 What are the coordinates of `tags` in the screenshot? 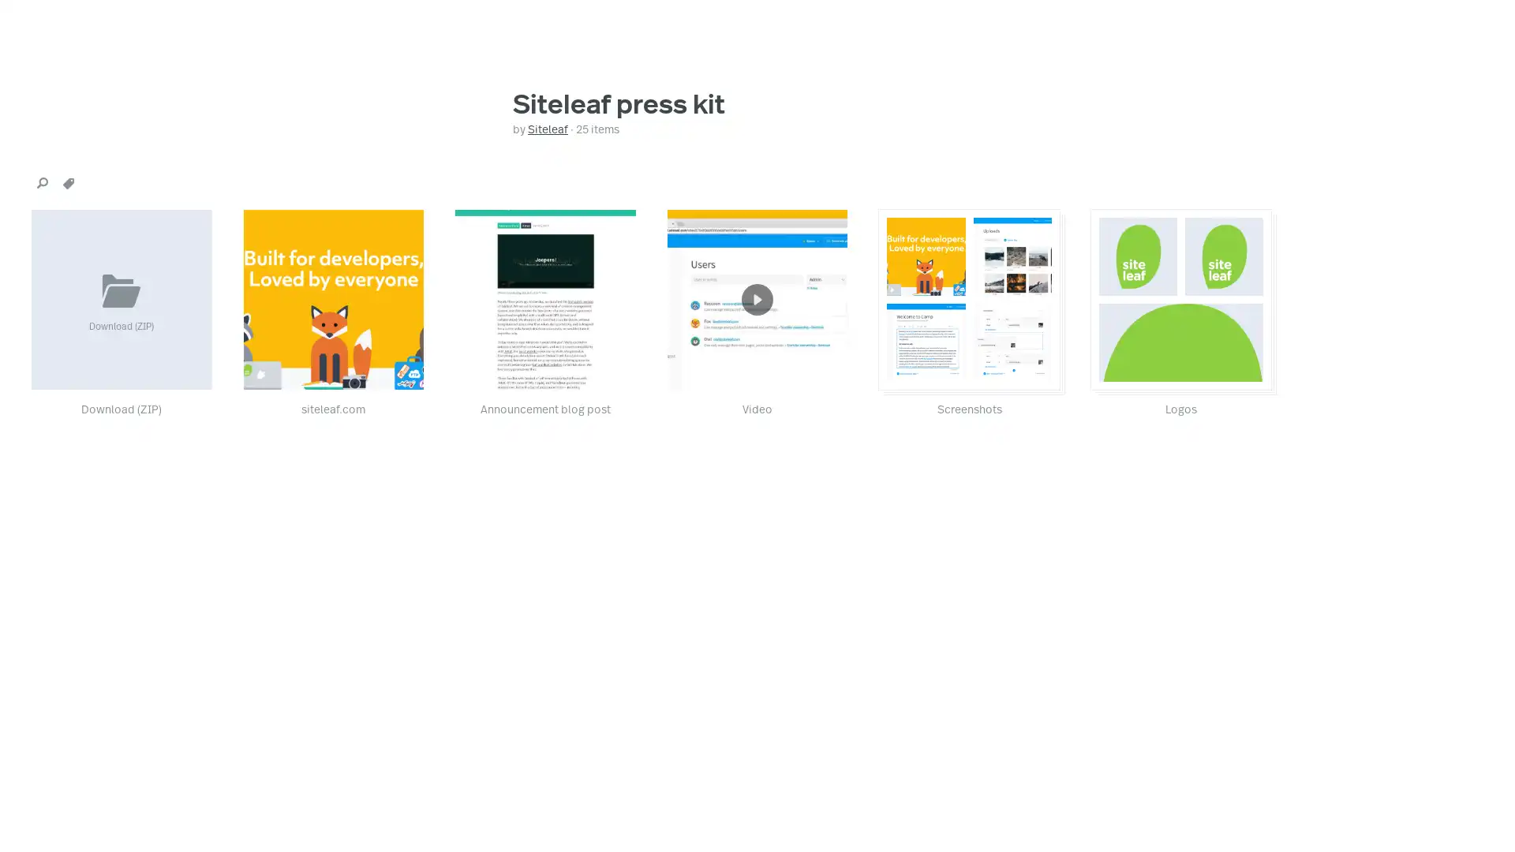 It's located at (67, 182).